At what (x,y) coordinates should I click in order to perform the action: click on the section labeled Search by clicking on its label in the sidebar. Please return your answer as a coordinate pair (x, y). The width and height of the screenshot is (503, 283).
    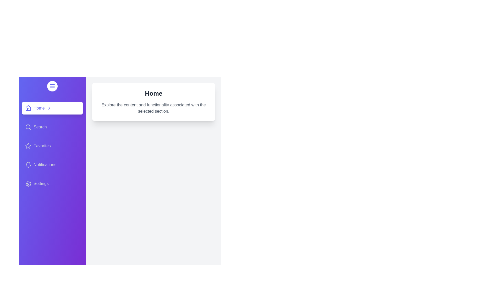
    Looking at the image, I should click on (52, 127).